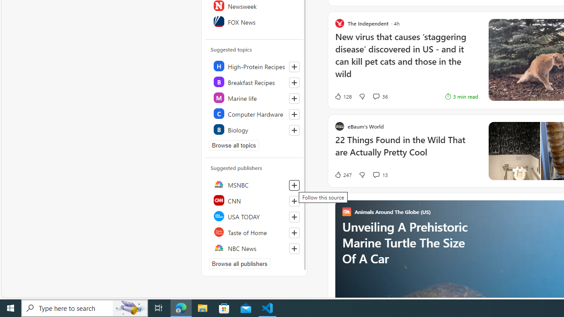  Describe the element at coordinates (376, 174) in the screenshot. I see `'View comments 13 Comment'` at that location.